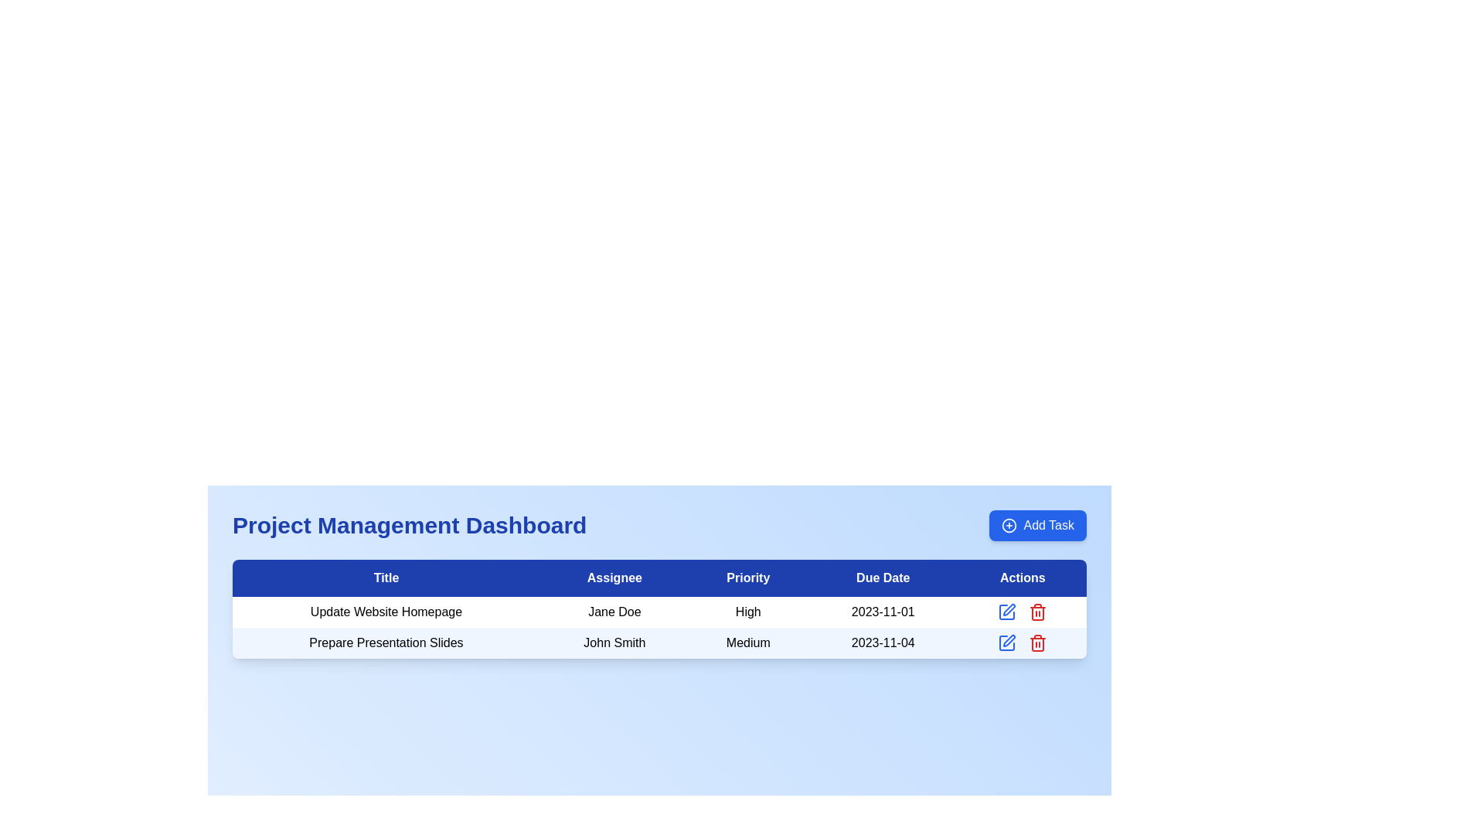 The width and height of the screenshot is (1484, 835). Describe the element at coordinates (883, 611) in the screenshot. I see `the text label displaying the date '2023-11-01' located in the fourth column of the first row under the header 'Due Date'` at that location.